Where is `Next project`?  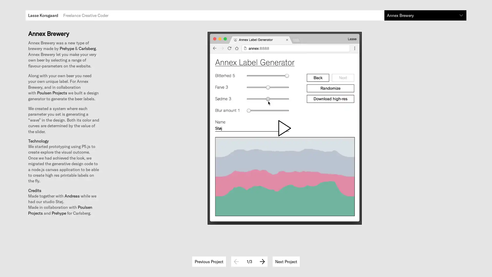
Next project is located at coordinates (286, 261).